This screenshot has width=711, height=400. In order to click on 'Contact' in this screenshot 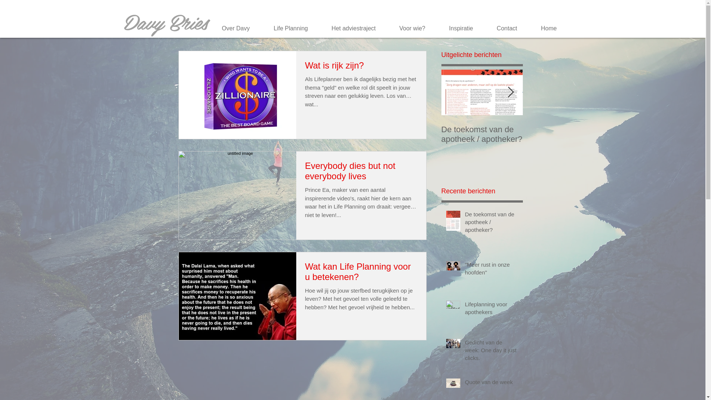, I will do `click(503, 28)`.